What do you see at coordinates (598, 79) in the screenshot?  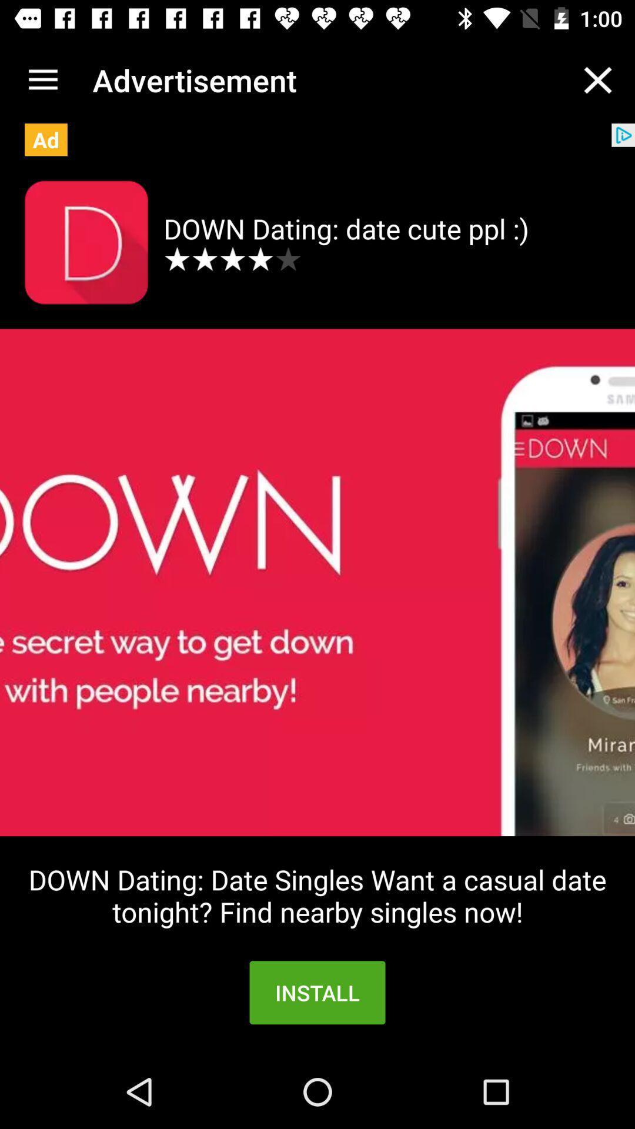 I see `the item to the right of the advertisement item` at bounding box center [598, 79].